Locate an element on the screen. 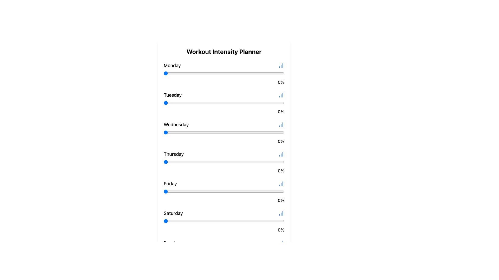 This screenshot has width=499, height=280. the intensity for Tuesday is located at coordinates (281, 103).